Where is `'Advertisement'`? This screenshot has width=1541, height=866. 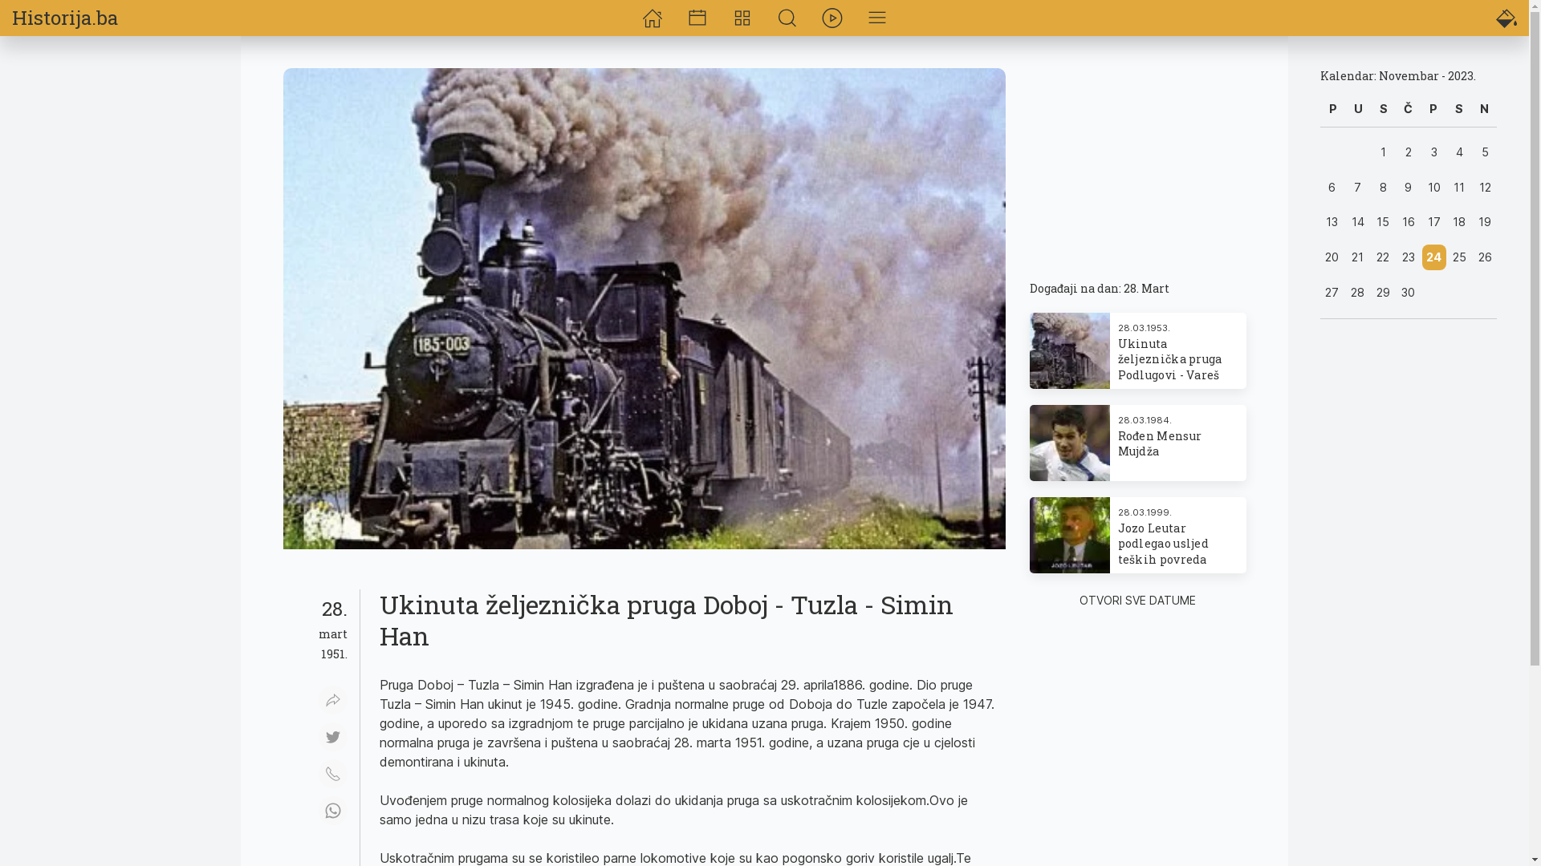
'Advertisement' is located at coordinates (1136, 158).